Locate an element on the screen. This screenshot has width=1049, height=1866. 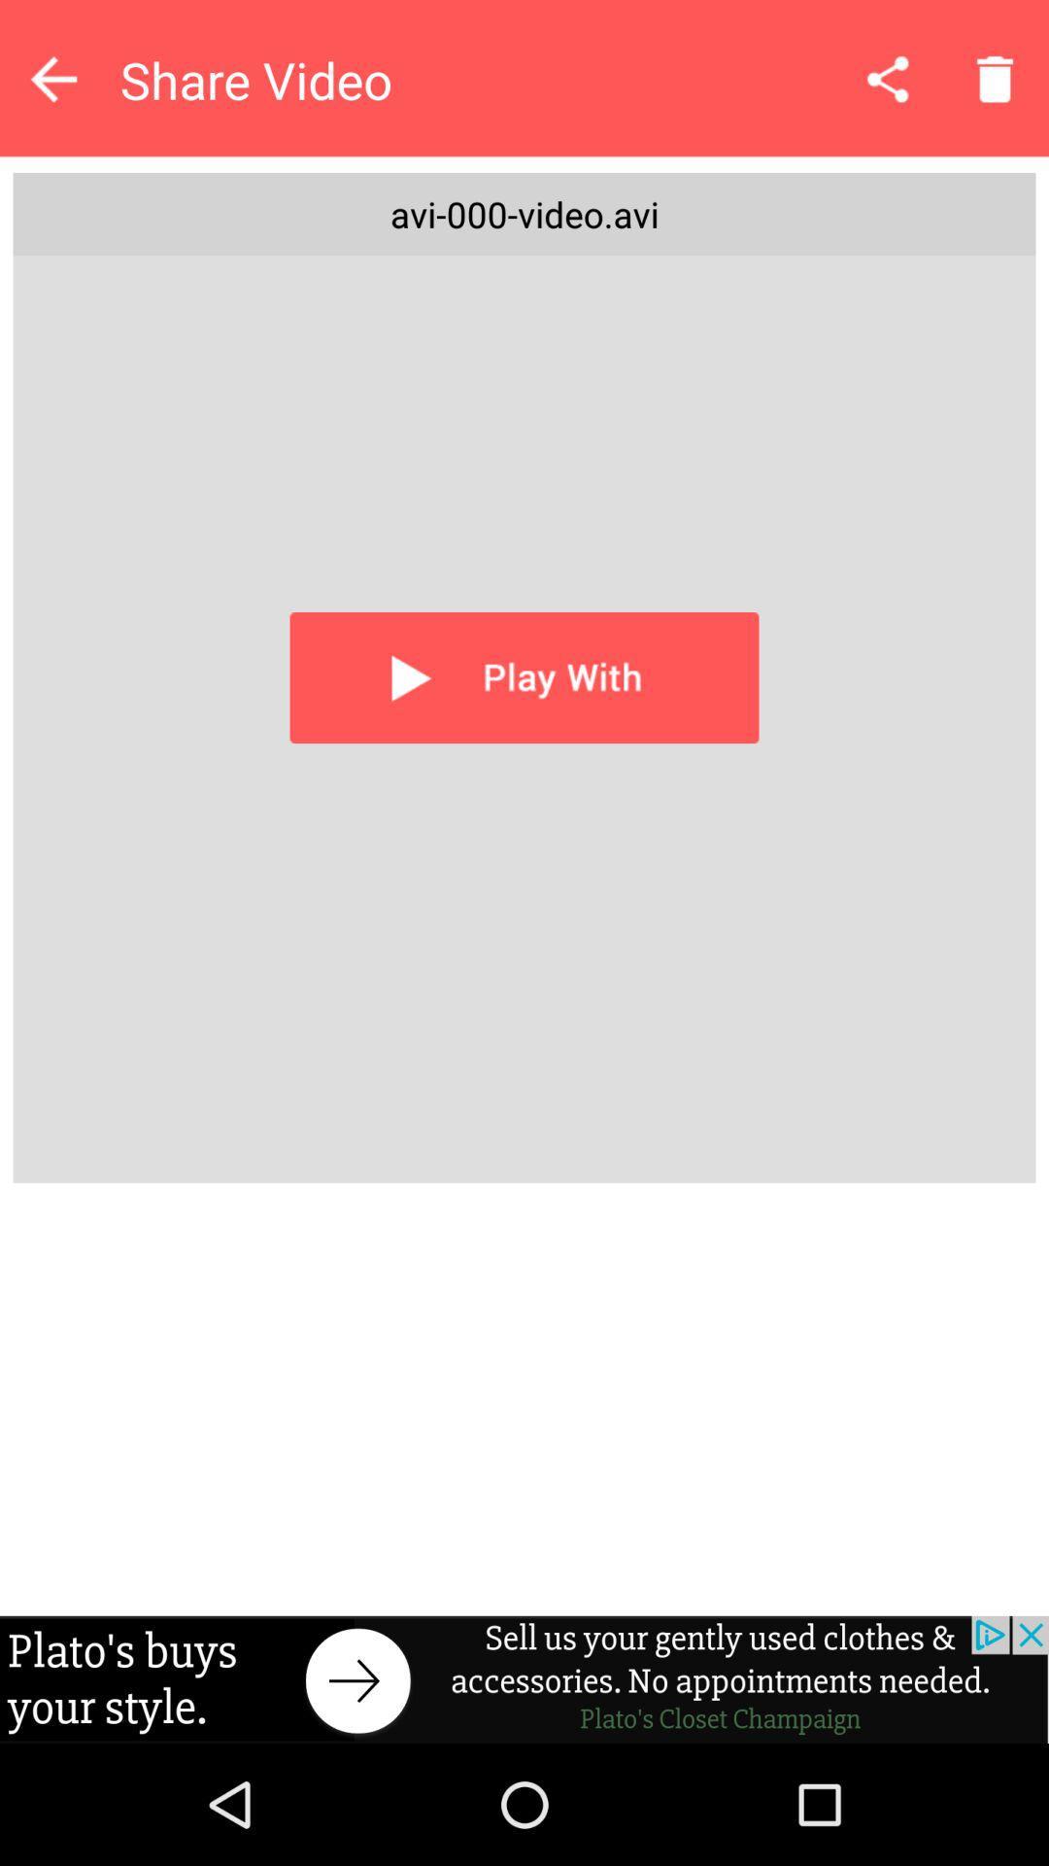
sharing icon is located at coordinates (888, 78).